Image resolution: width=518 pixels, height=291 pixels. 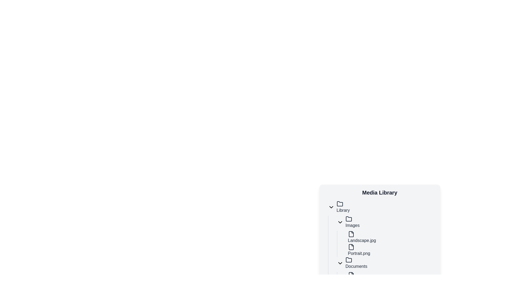 I want to click on the small folder icon representing the 'Images' folder in the media library navigation view, so click(x=349, y=219).